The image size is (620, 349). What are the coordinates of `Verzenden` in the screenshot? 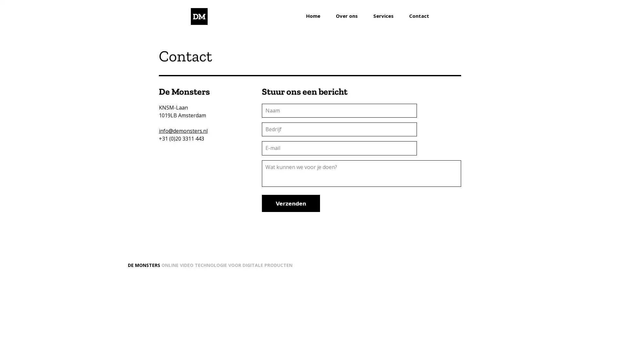 It's located at (291, 203).